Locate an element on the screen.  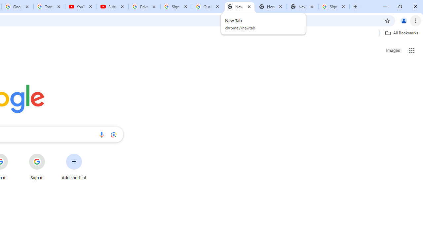
'Search for Images ' is located at coordinates (393, 50).